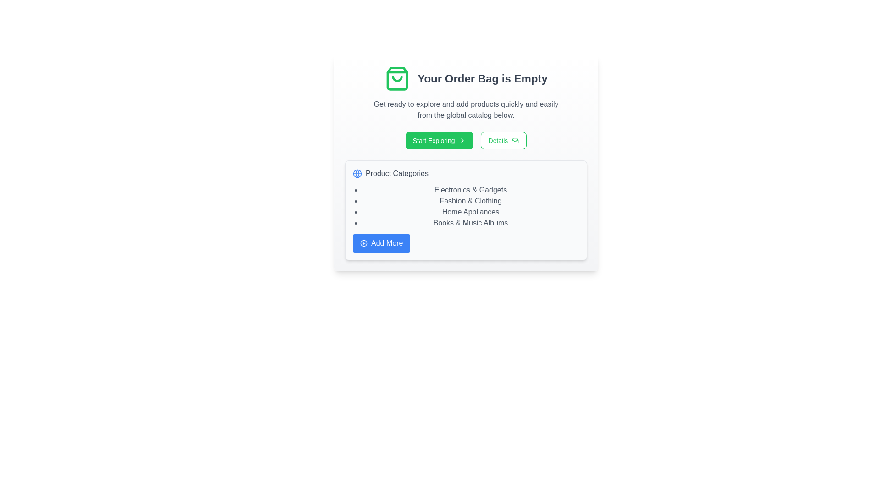 The width and height of the screenshot is (880, 495). What do you see at coordinates (363, 243) in the screenshot?
I see `the blue button labeled 'Add More' which contains the icon on its left side, located at the bottom of the 'Product Categories' card` at bounding box center [363, 243].